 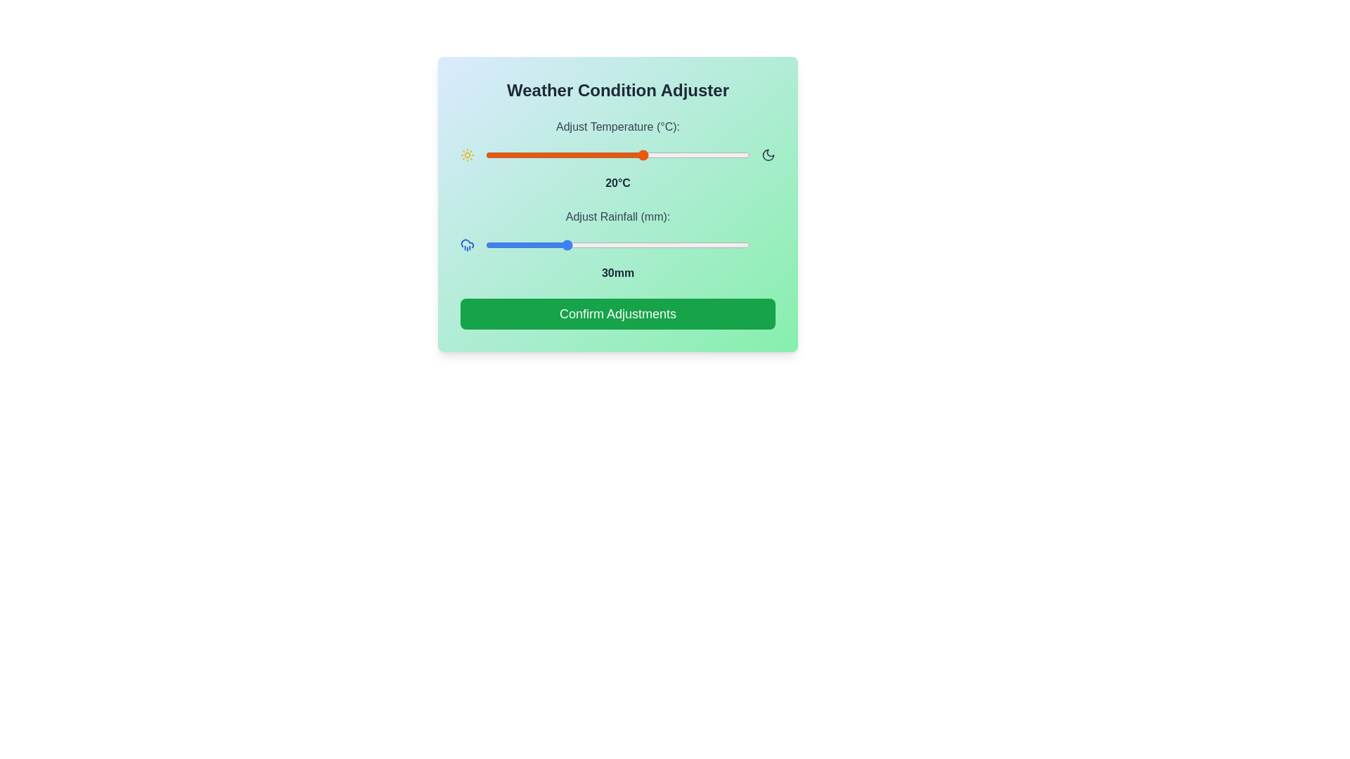 What do you see at coordinates (494, 244) in the screenshot?
I see `the rainfall slider to 3 mm` at bounding box center [494, 244].